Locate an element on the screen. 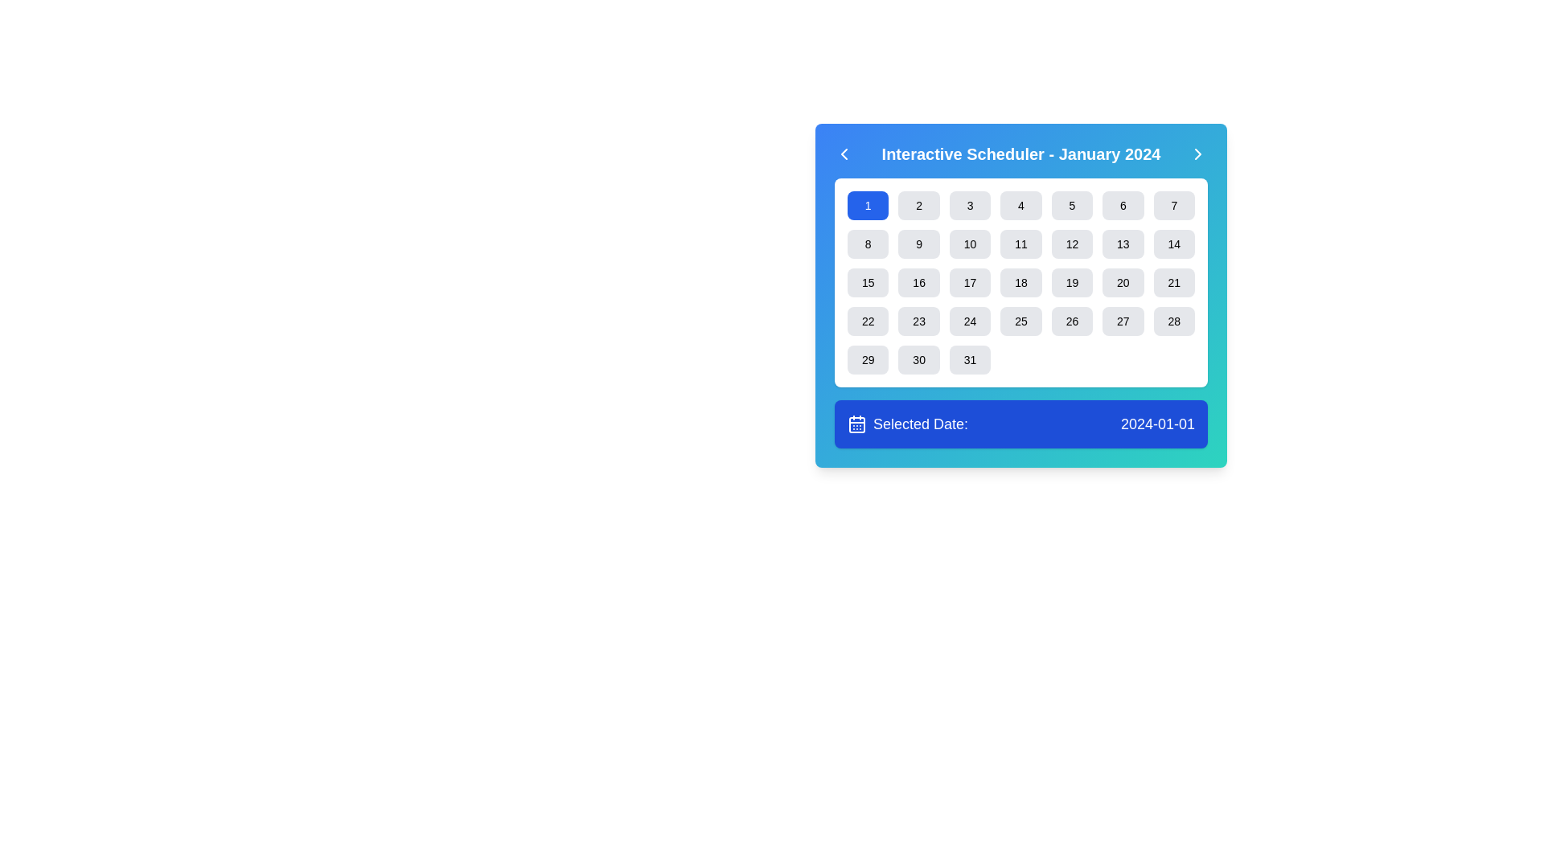 This screenshot has height=868, width=1544. the Text label that displays the currently selected date from the calendar, located in the bottom-right corner of the 'Selected Date:' section is located at coordinates (1158, 424).